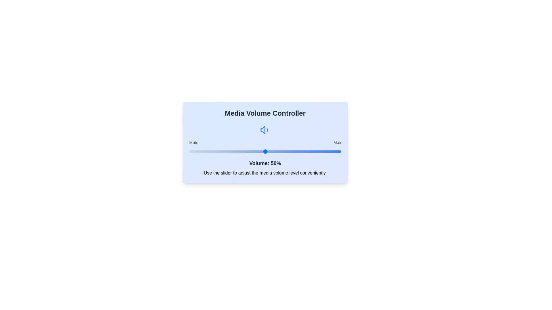 The height and width of the screenshot is (310, 552). Describe the element at coordinates (290, 151) in the screenshot. I see `the volume to 66% by adjusting the slider` at that location.